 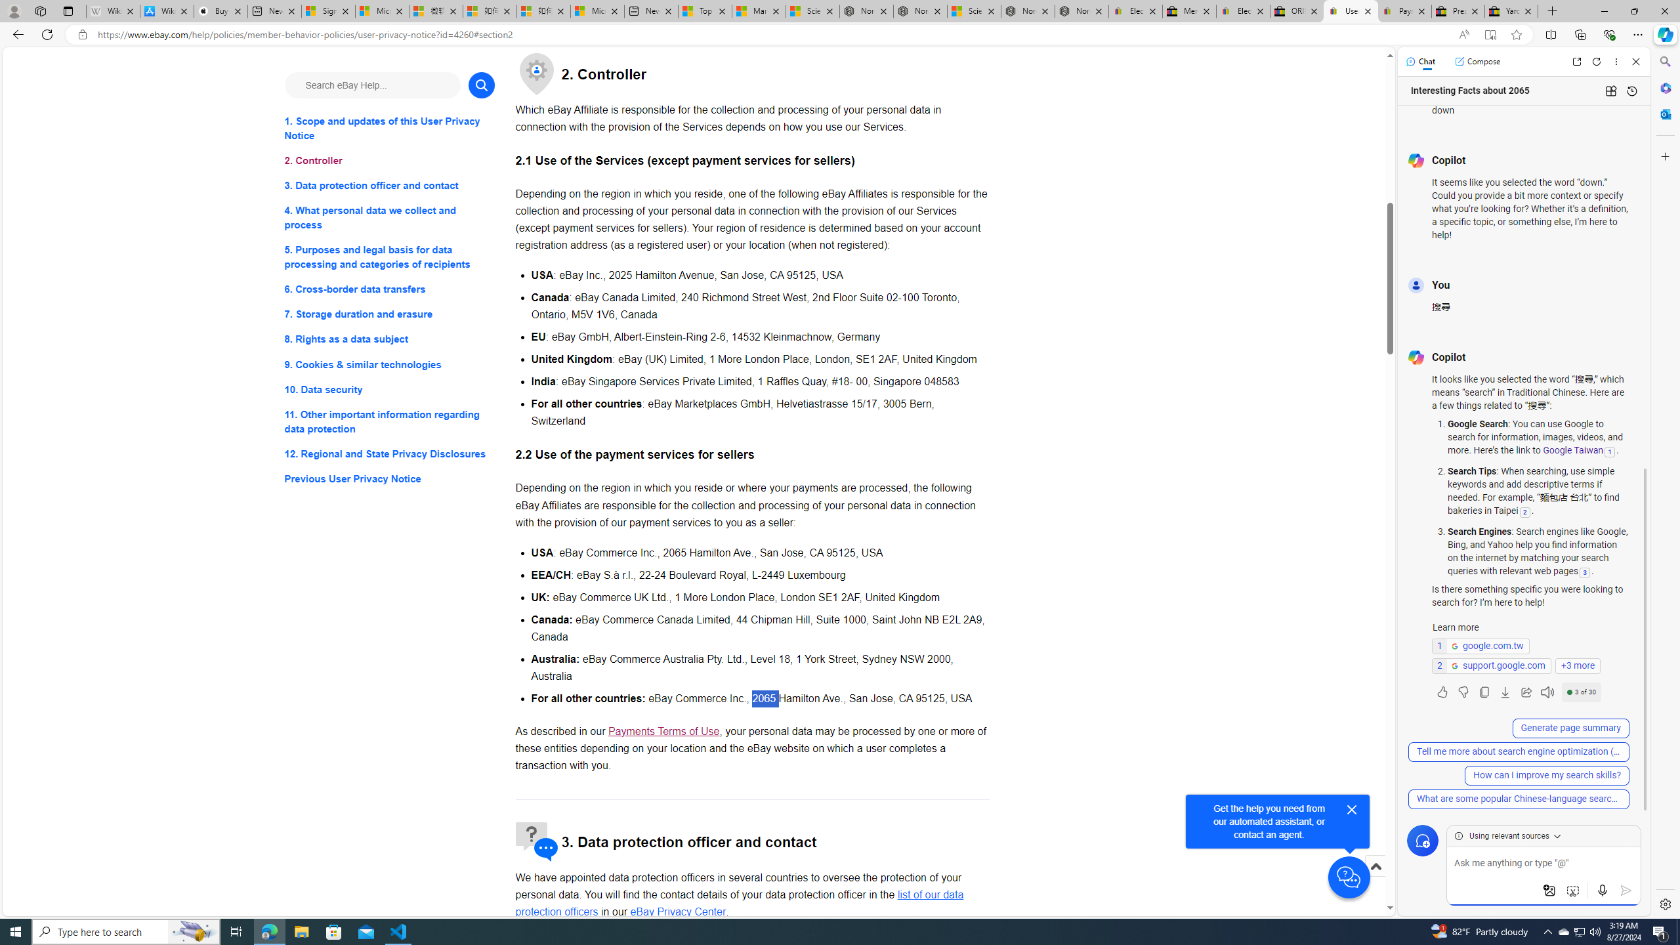 What do you see at coordinates (757, 10) in the screenshot?
I see `'Marine life - MSN'` at bounding box center [757, 10].